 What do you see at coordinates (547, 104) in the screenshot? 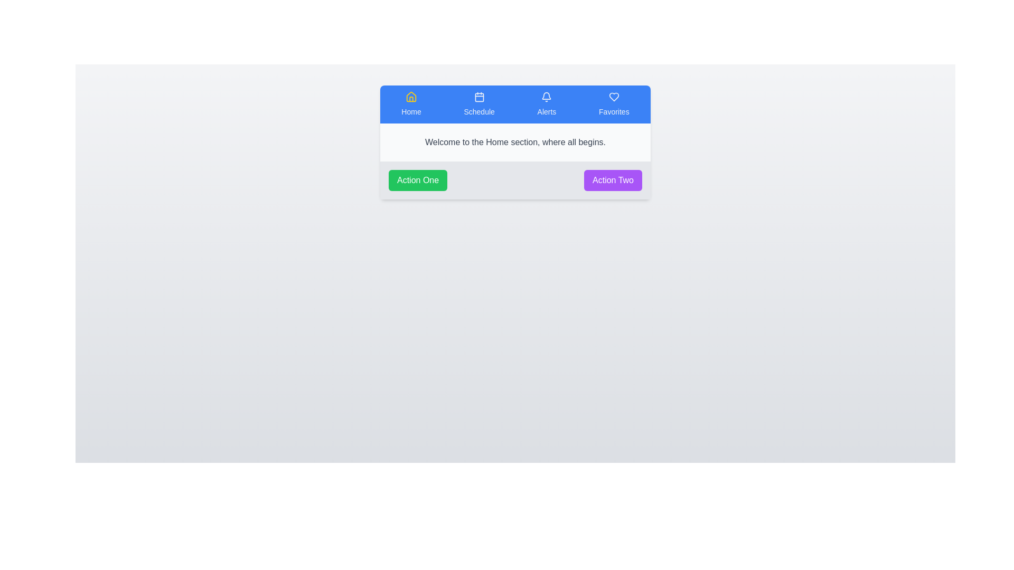
I see `the Alerts tab` at bounding box center [547, 104].